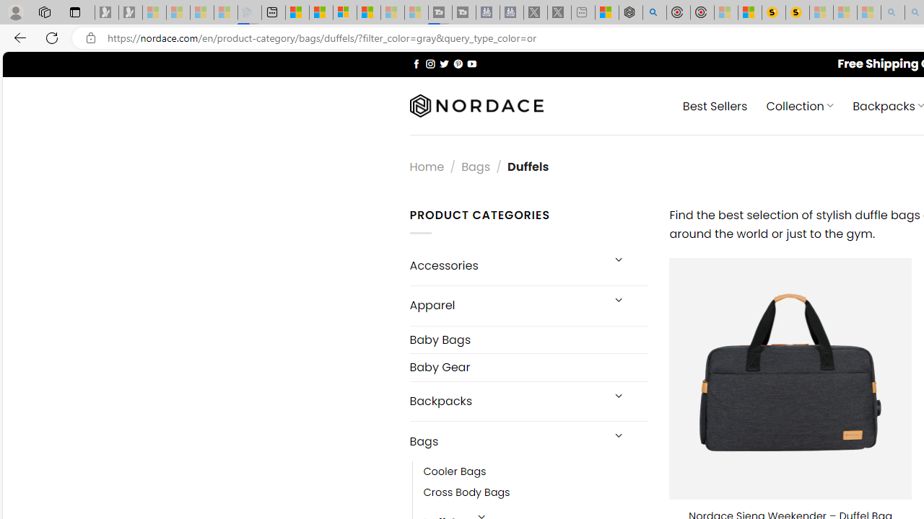  I want to click on 'Streaming Coverage | T3 - Sleeping', so click(439, 12).